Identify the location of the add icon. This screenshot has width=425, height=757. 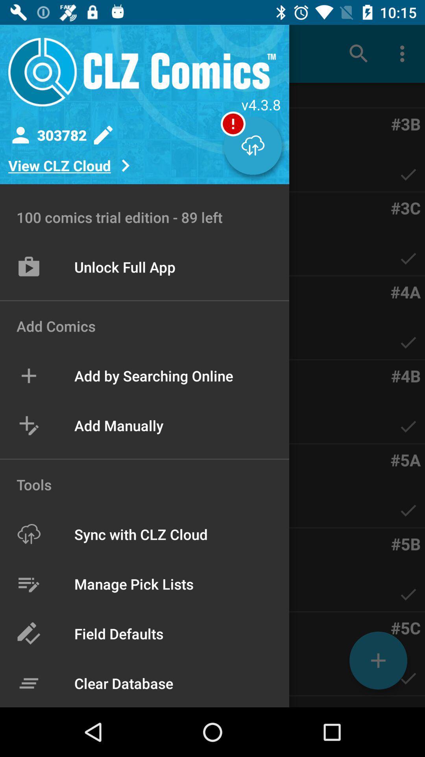
(378, 660).